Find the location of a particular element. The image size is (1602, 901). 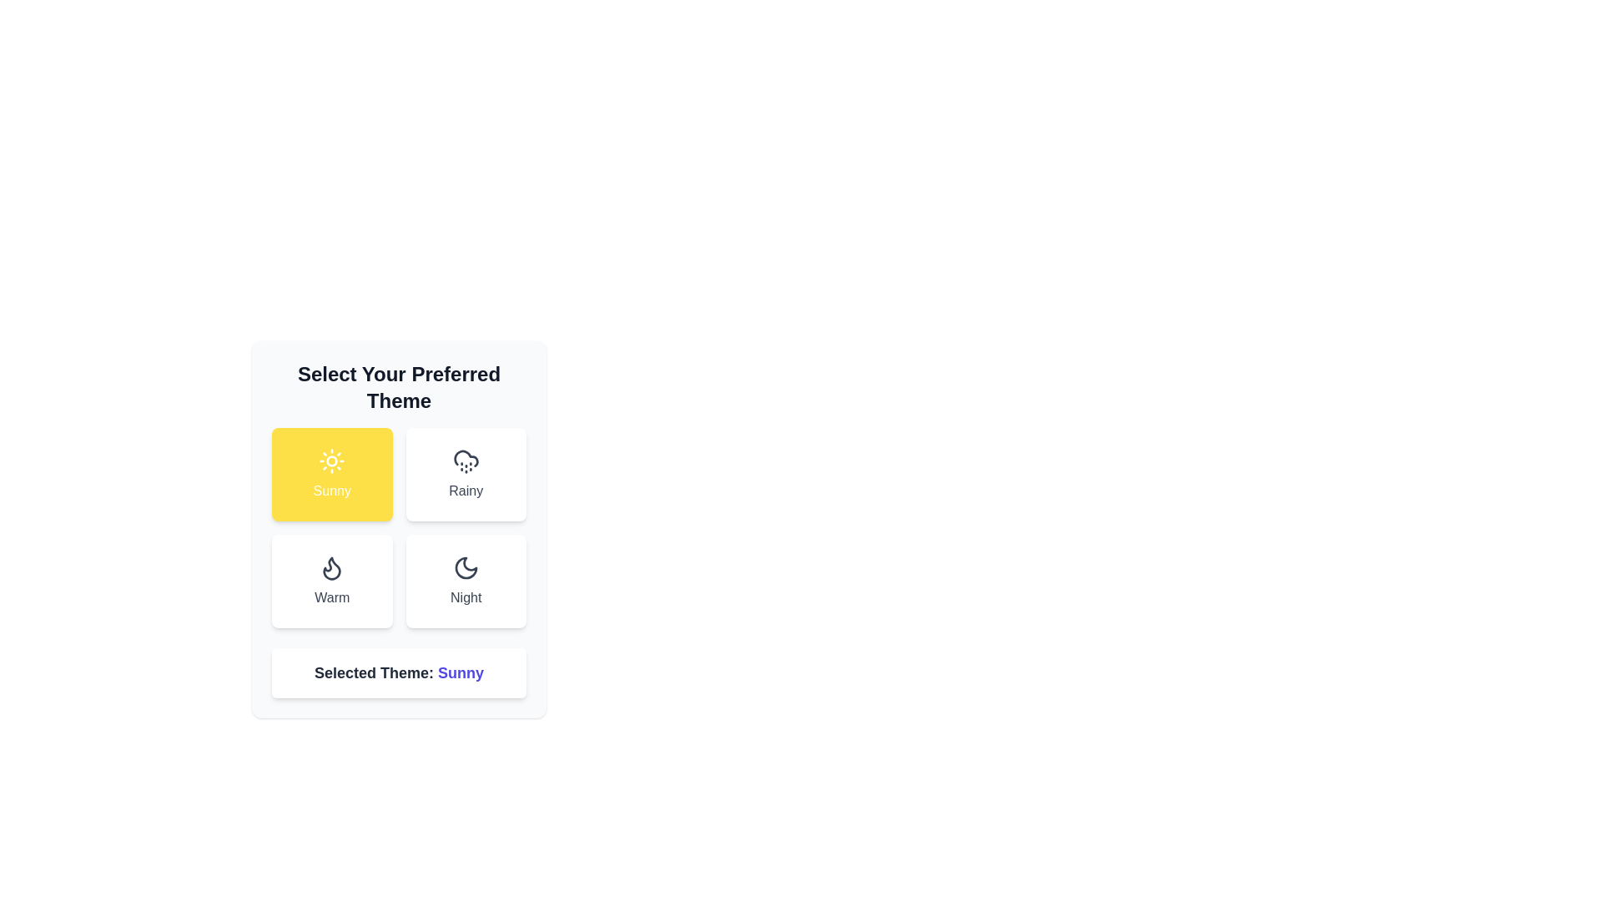

the theme button labeled Rainy to observe its hover effect is located at coordinates (466, 475).